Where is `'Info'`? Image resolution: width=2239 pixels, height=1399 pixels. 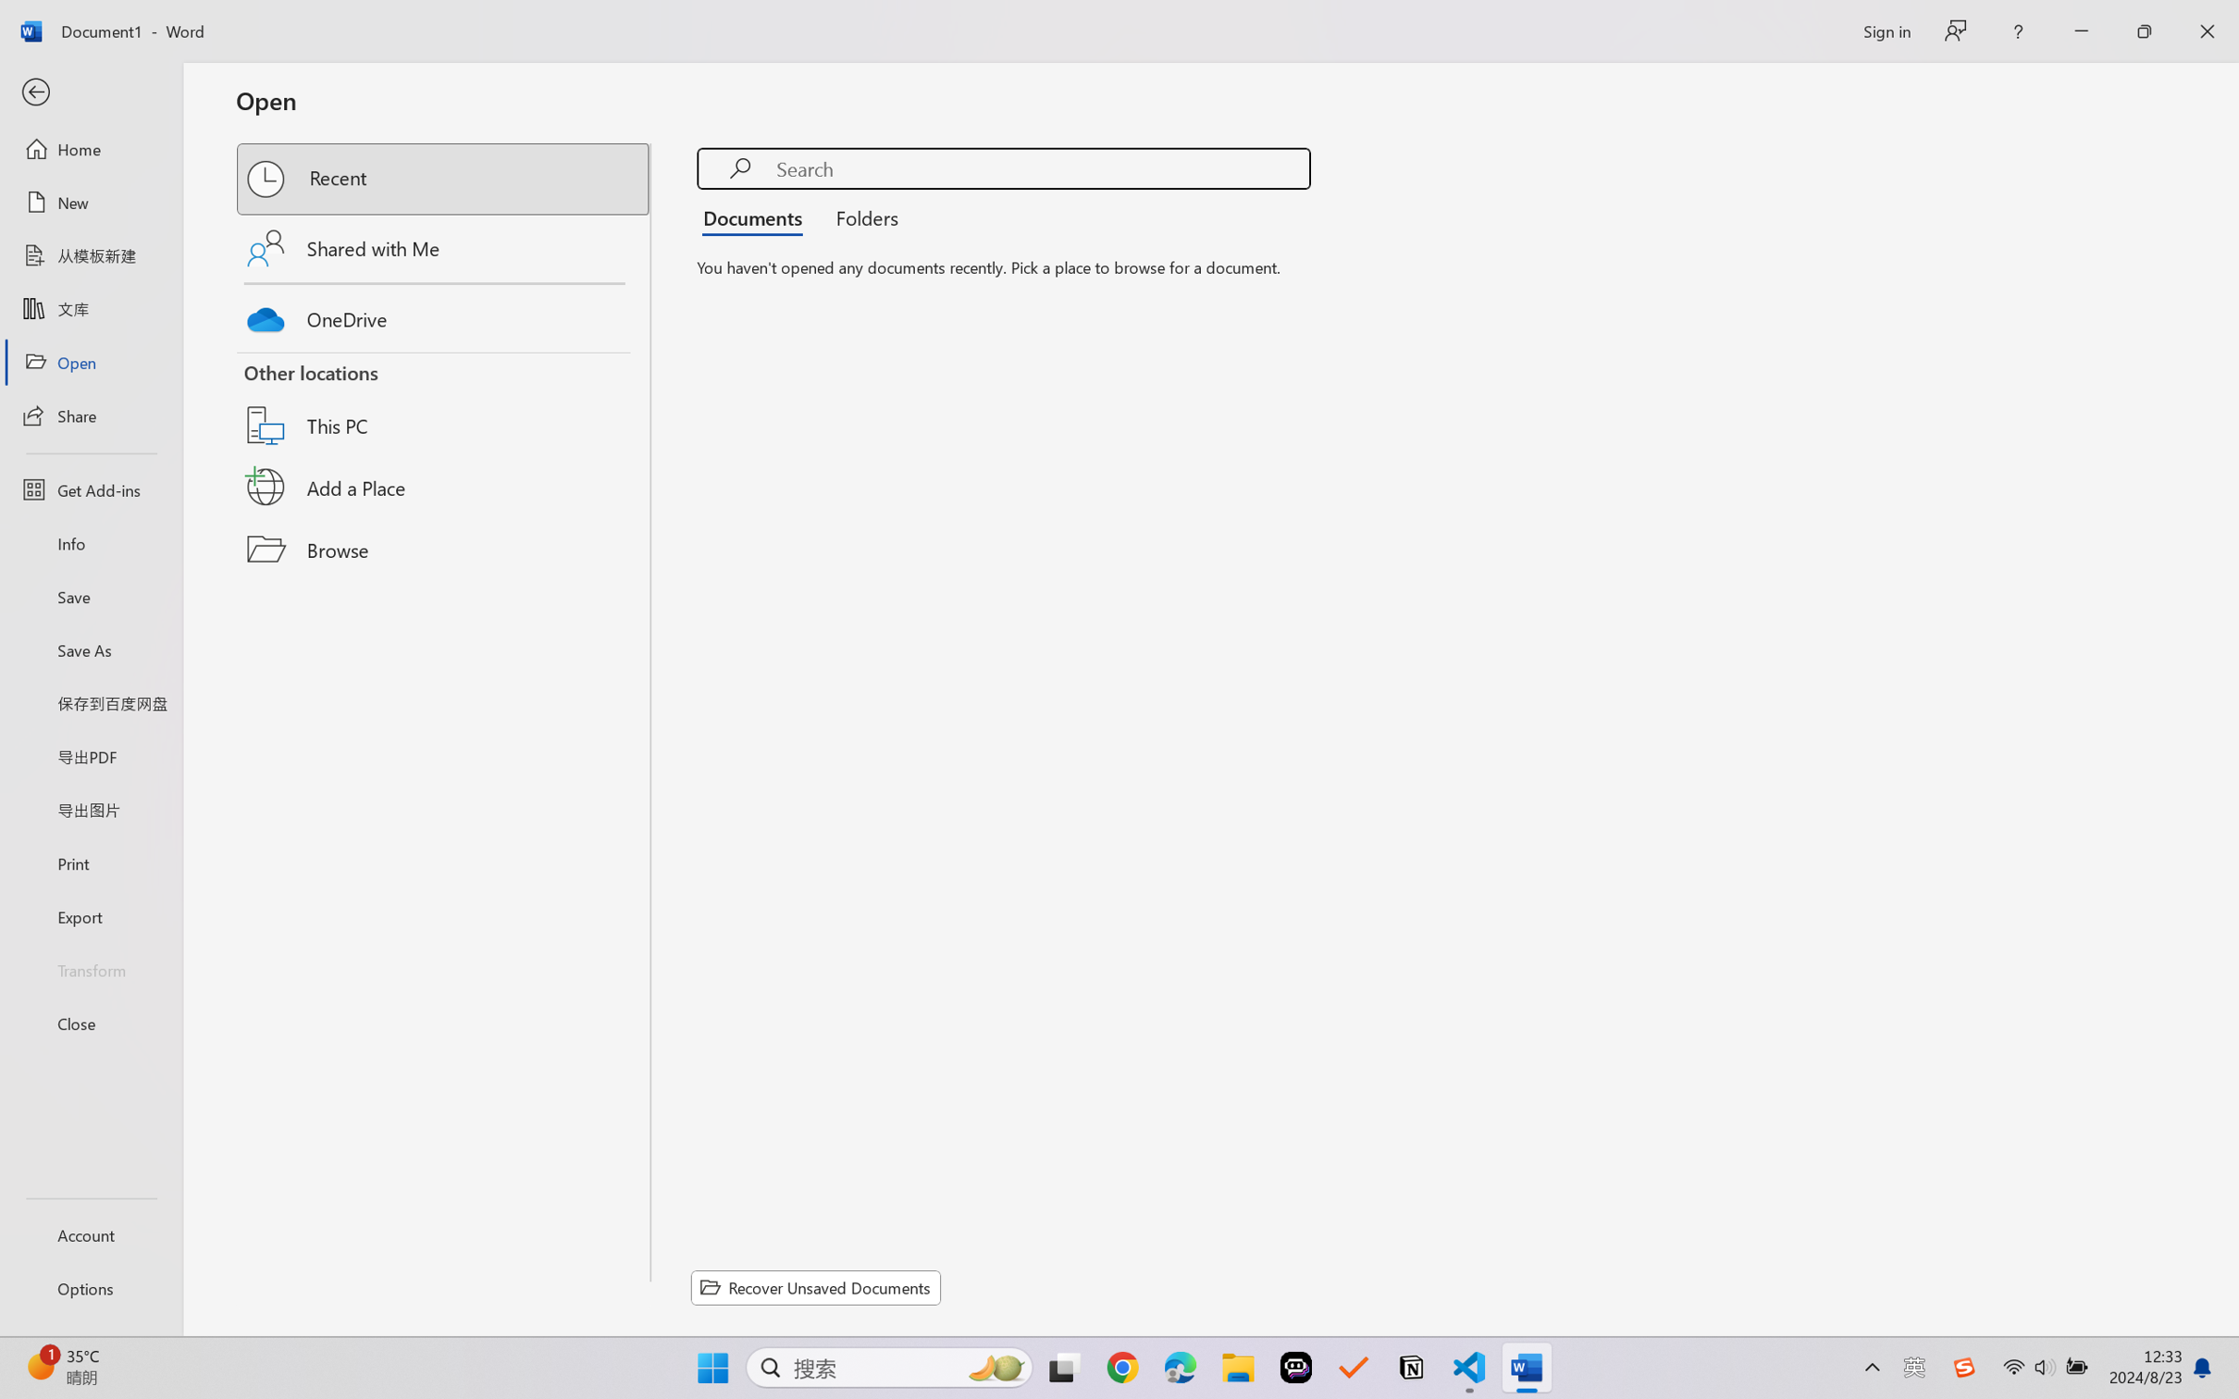 'Info' is located at coordinates (90, 542).